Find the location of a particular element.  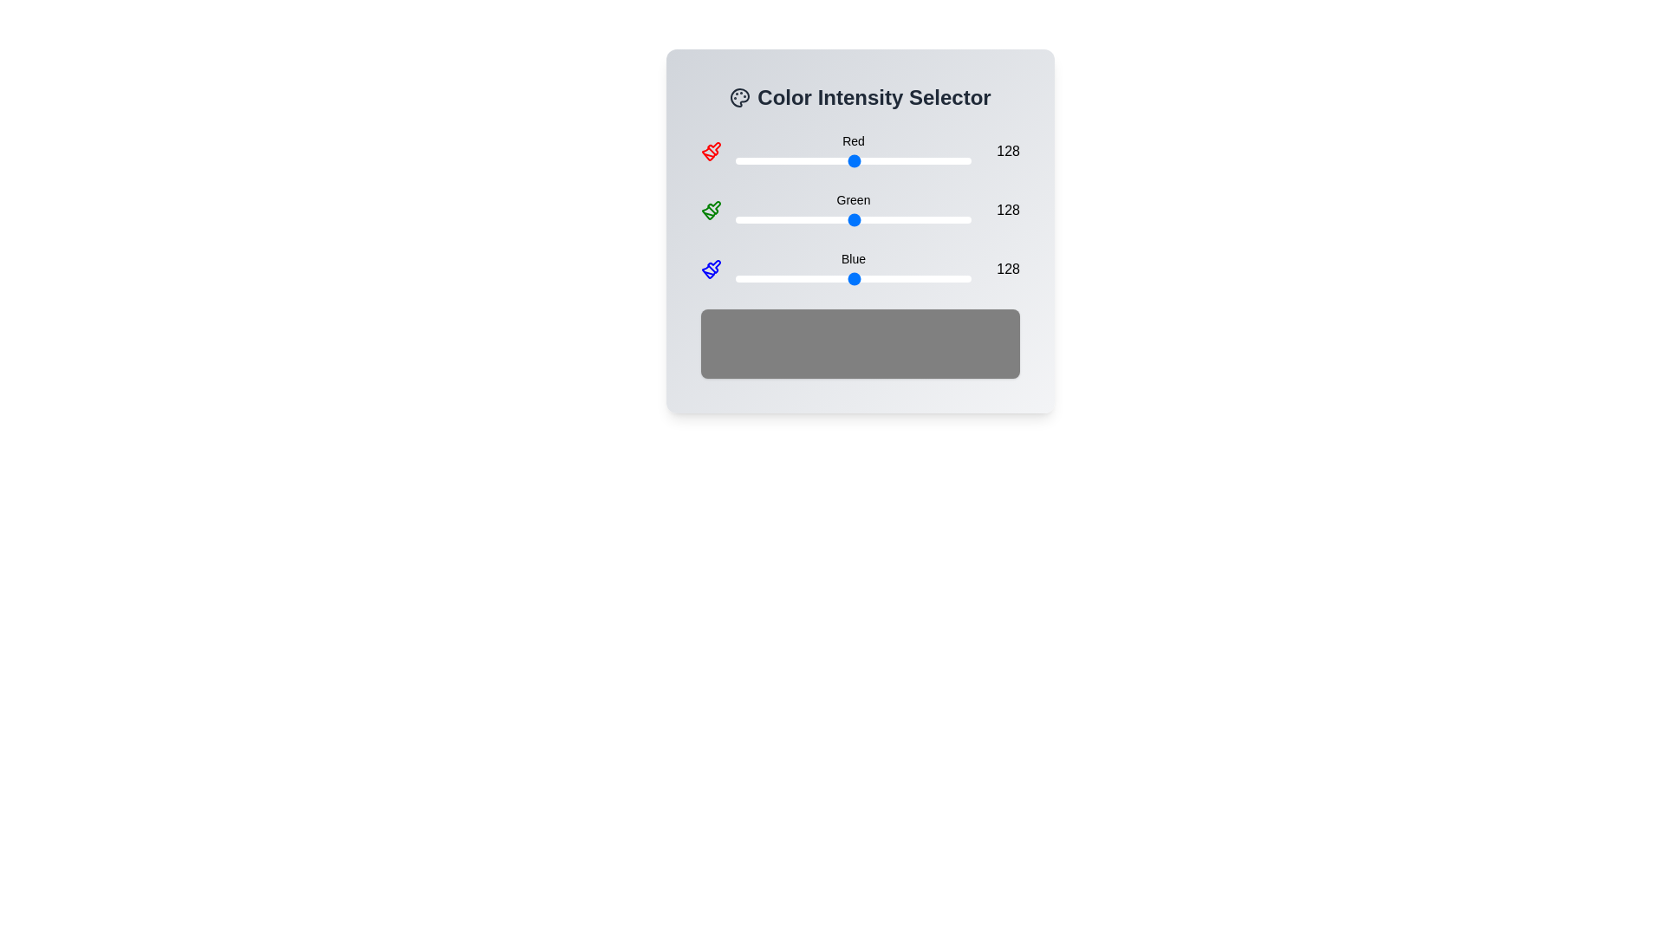

the green color intensity is located at coordinates (767, 219).